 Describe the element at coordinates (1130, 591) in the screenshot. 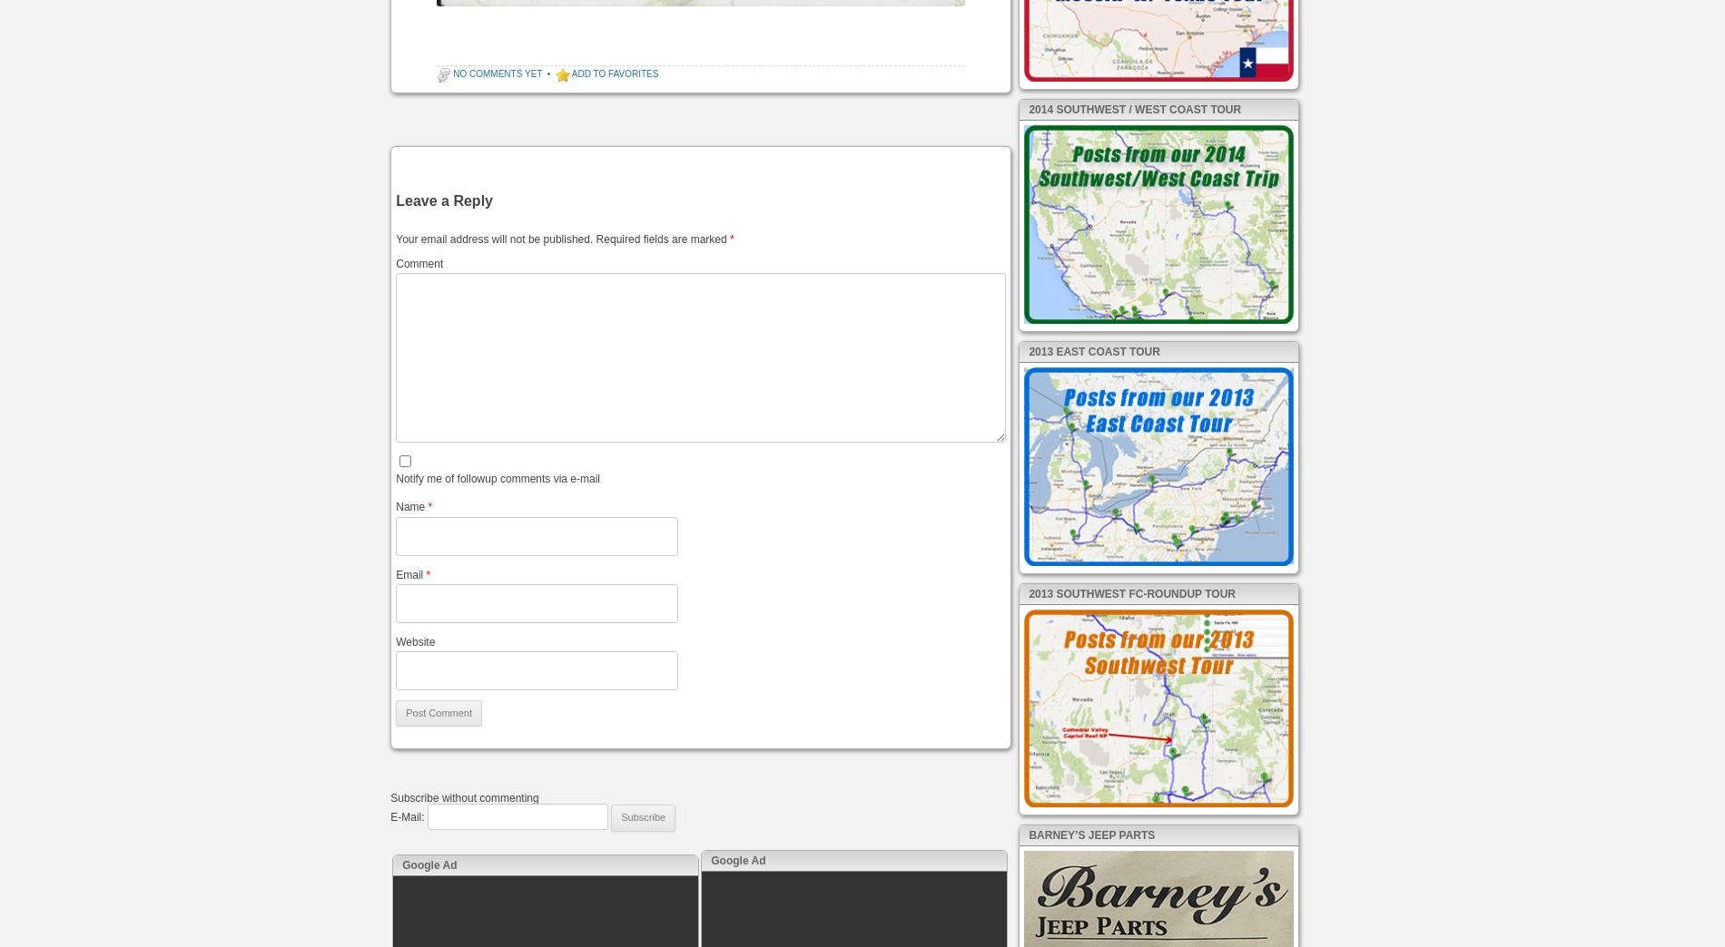

I see `'2013 Southwest FC-Roundup Tour'` at that location.